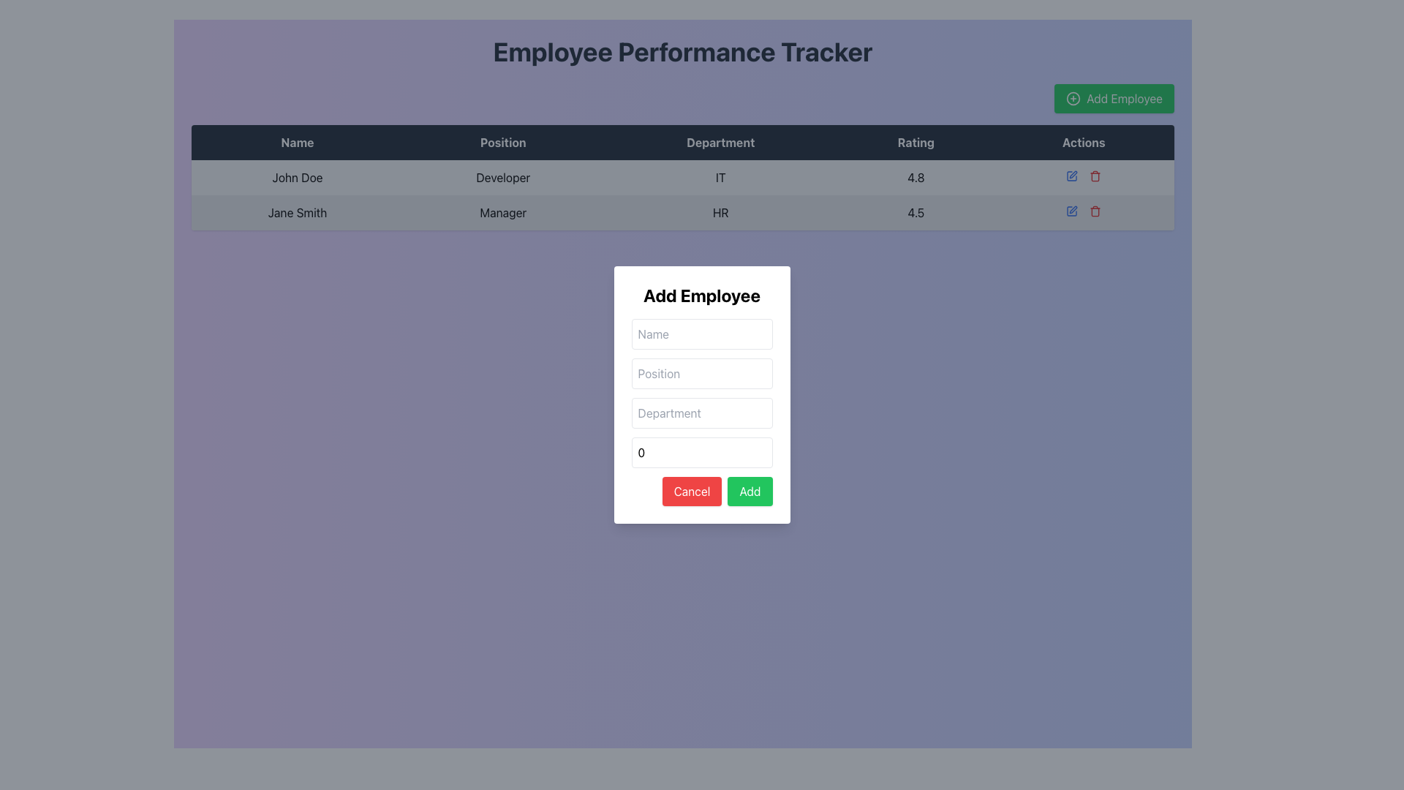  Describe the element at coordinates (720, 212) in the screenshot. I see `the Static Table Cell displaying 'HR' in the second row of the table under the 'Department' column` at that location.